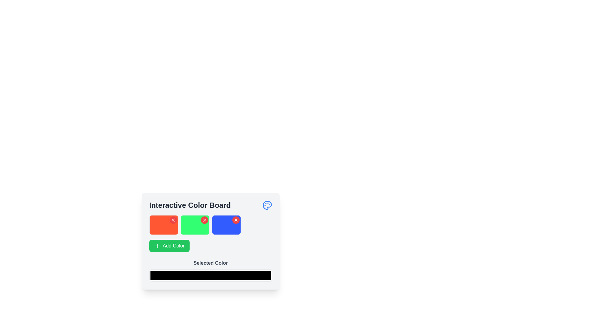  I want to click on the Close button icon in the upper-right corner of the green color box within the Interactive Color Board, so click(204, 220).